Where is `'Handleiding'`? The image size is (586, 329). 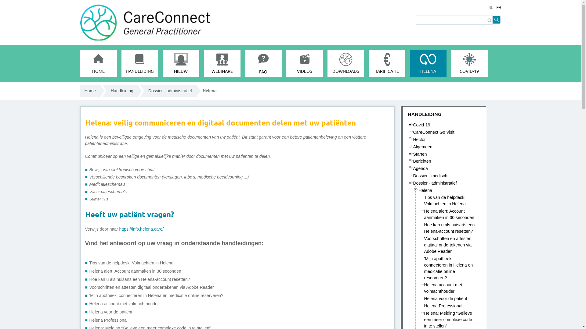
'Handleiding' is located at coordinates (122, 91).